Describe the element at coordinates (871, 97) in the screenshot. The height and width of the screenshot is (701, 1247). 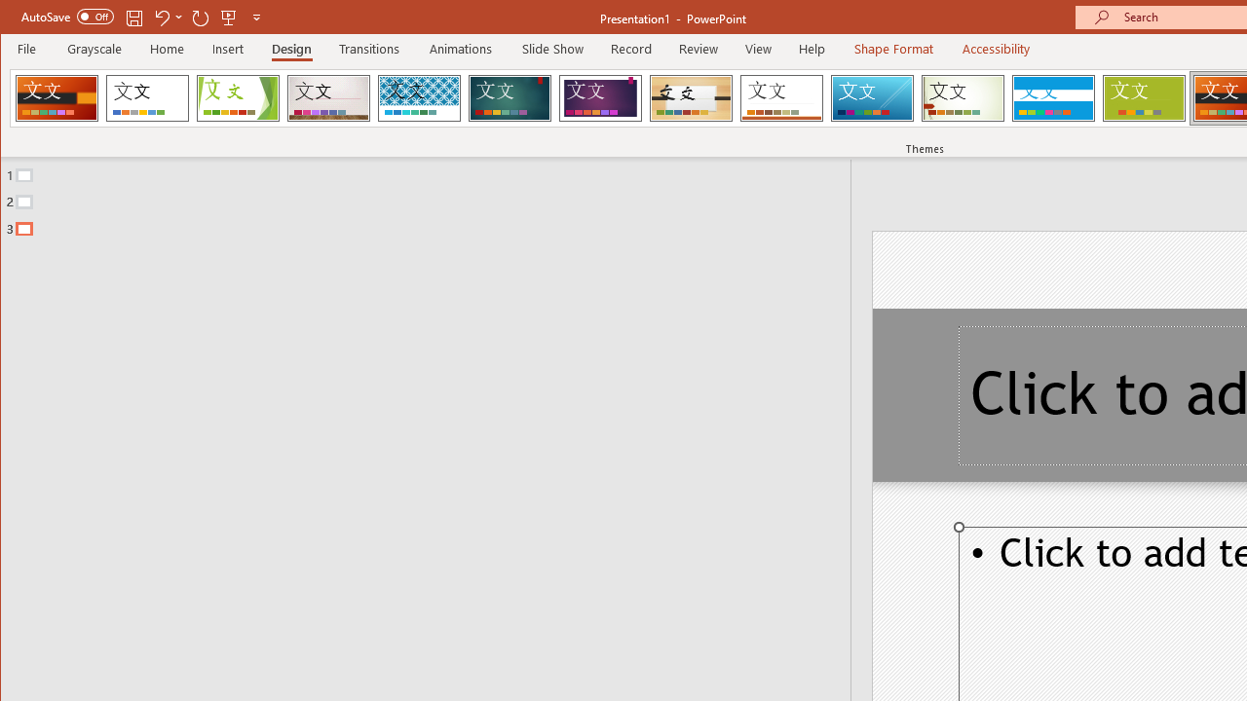
I see `'Slice'` at that location.